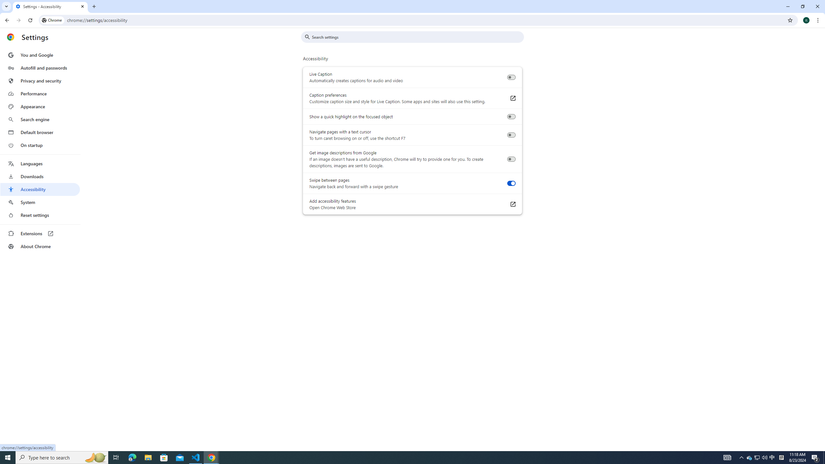 The width and height of the screenshot is (825, 464). I want to click on 'Search settings', so click(417, 37).